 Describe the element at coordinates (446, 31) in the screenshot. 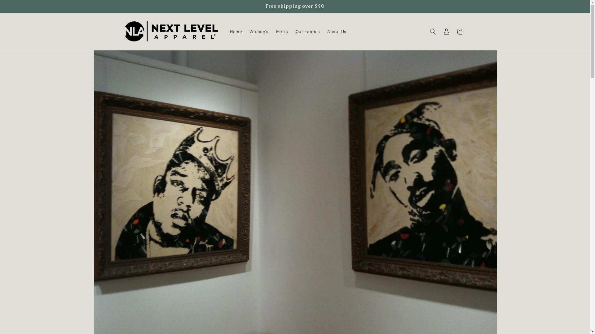

I see `'Log in'` at that location.